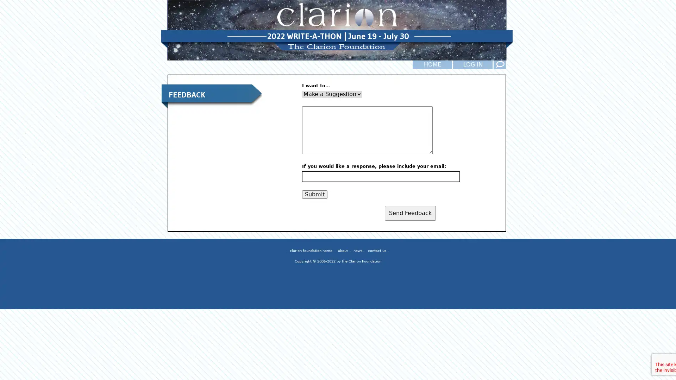 This screenshot has width=676, height=380. What do you see at coordinates (410, 213) in the screenshot?
I see `Send Feedback` at bounding box center [410, 213].